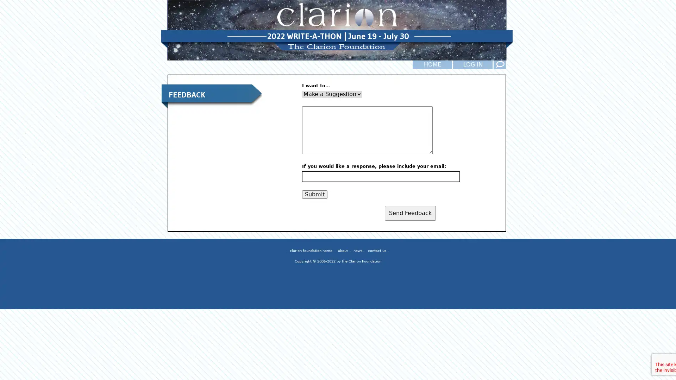 This screenshot has width=676, height=380. What do you see at coordinates (410, 213) in the screenshot?
I see `Send Feedback` at bounding box center [410, 213].